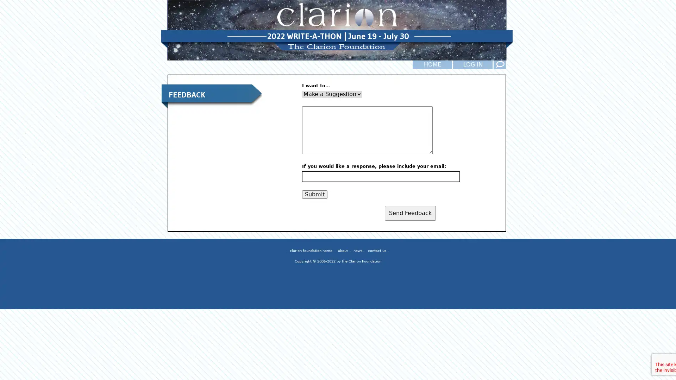 This screenshot has width=676, height=380. What do you see at coordinates (410, 213) in the screenshot?
I see `Send Feedback` at bounding box center [410, 213].